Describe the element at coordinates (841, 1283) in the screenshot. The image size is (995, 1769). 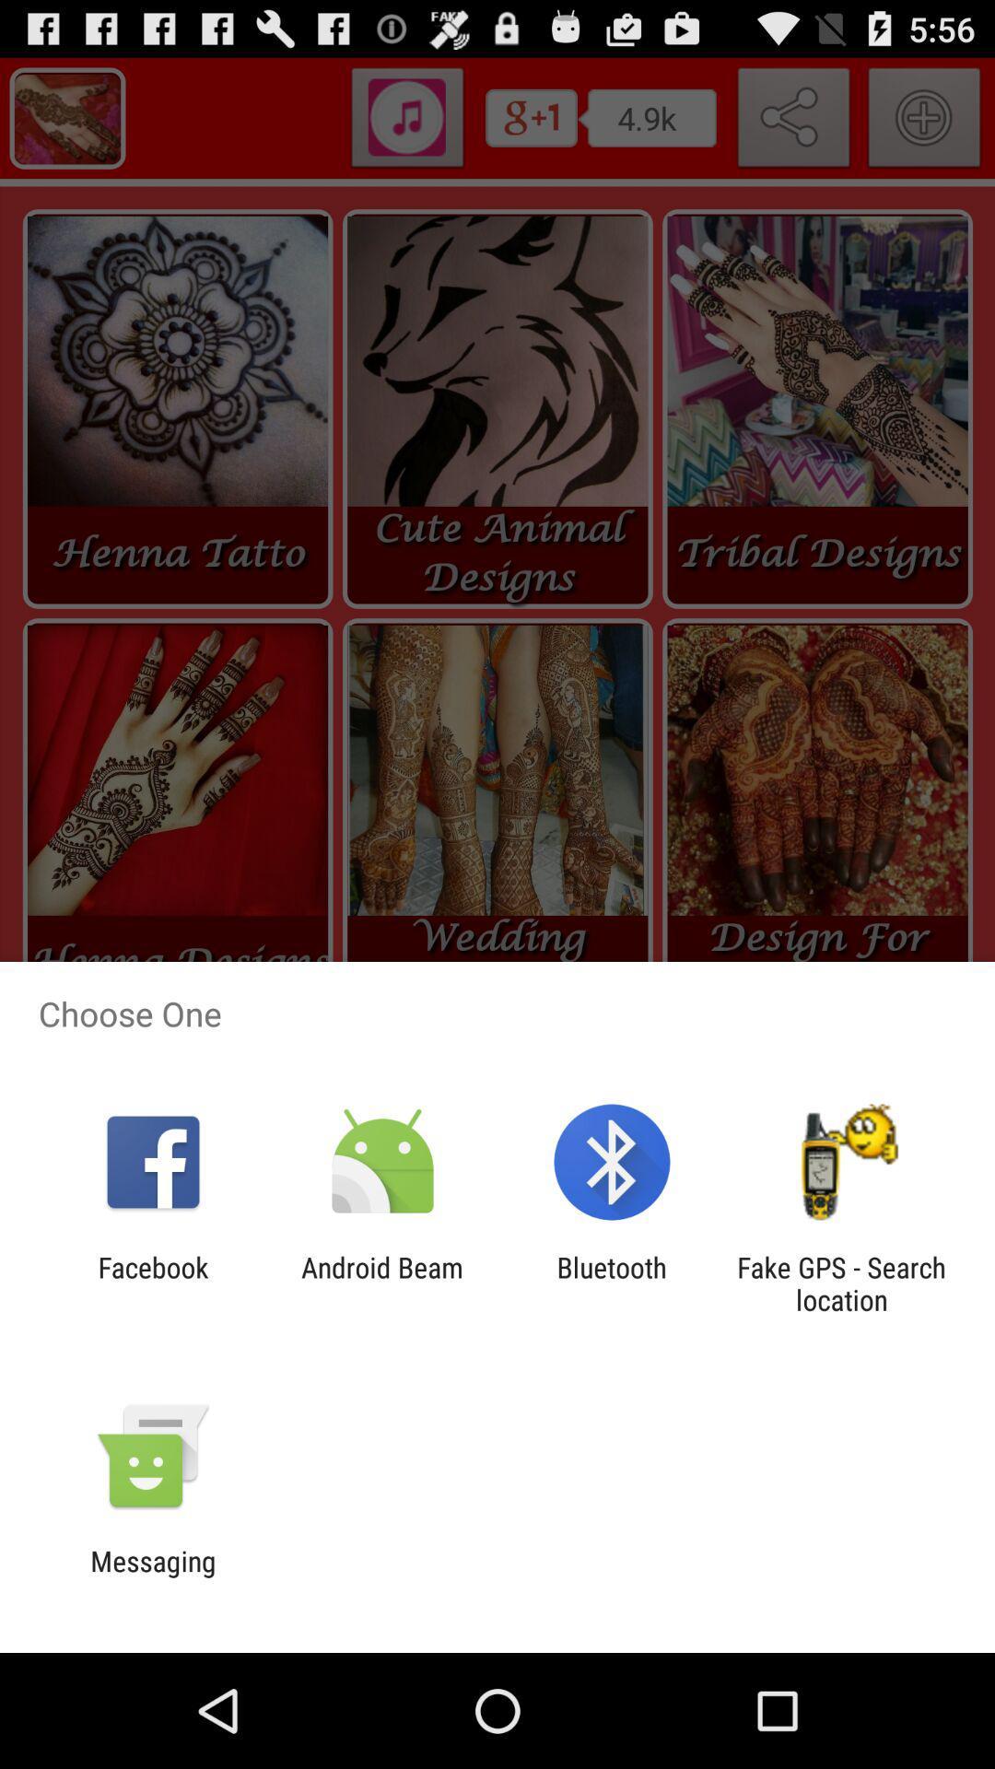
I see `the app to the right of bluetooth icon` at that location.